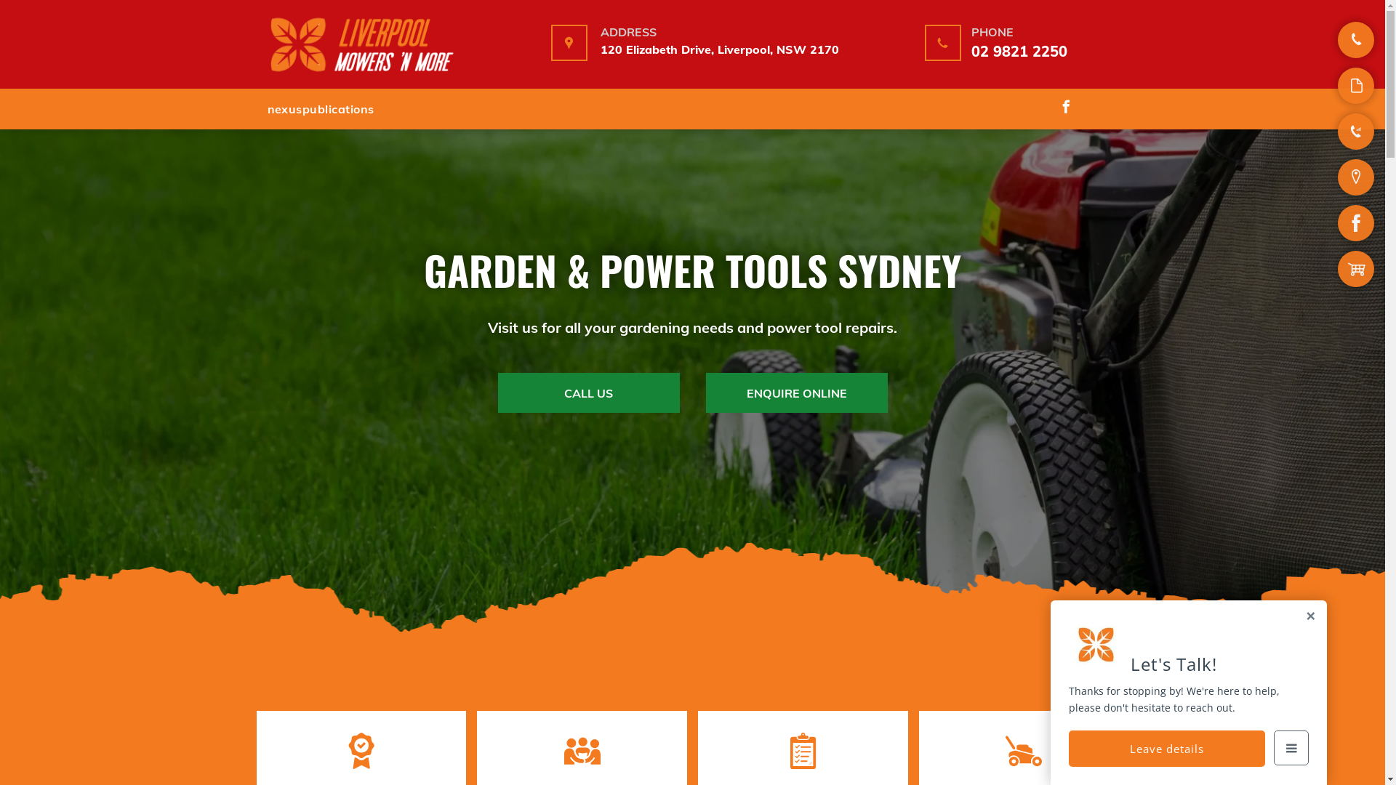  I want to click on '02 9821 2250', so click(1018, 50).